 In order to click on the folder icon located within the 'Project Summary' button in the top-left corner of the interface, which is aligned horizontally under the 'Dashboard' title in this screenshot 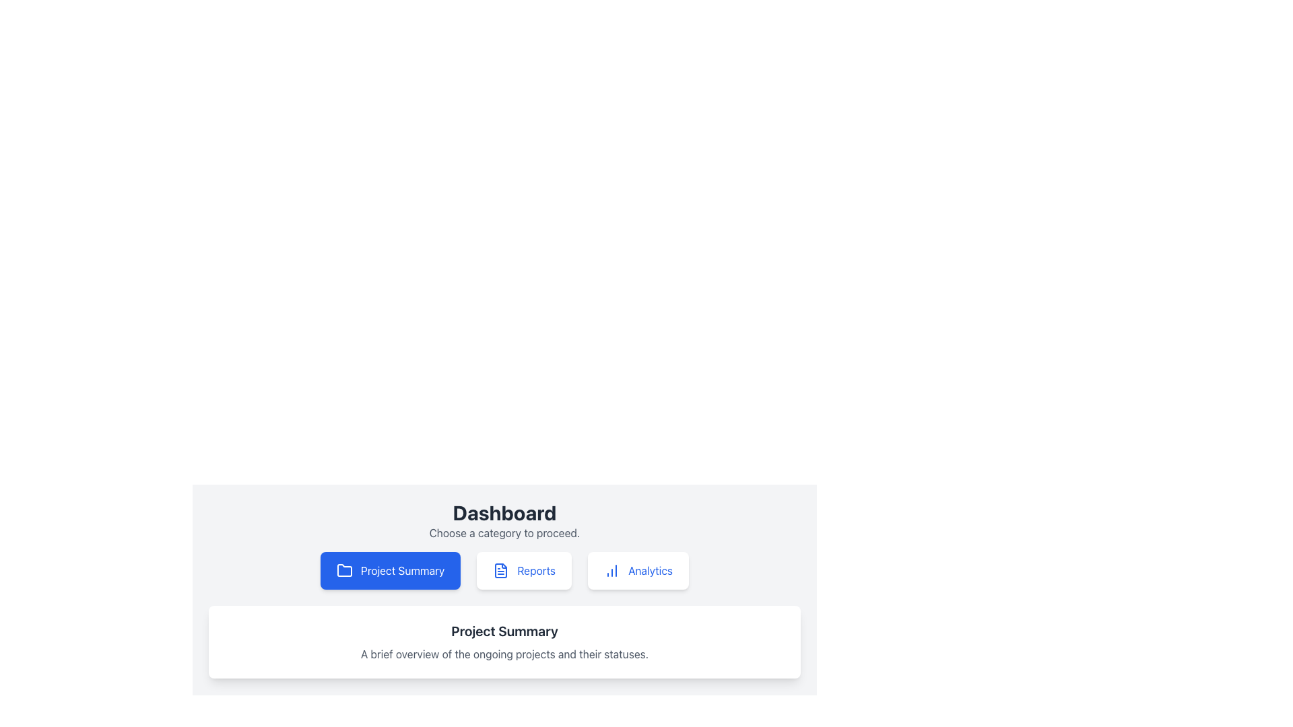, I will do `click(345, 570)`.